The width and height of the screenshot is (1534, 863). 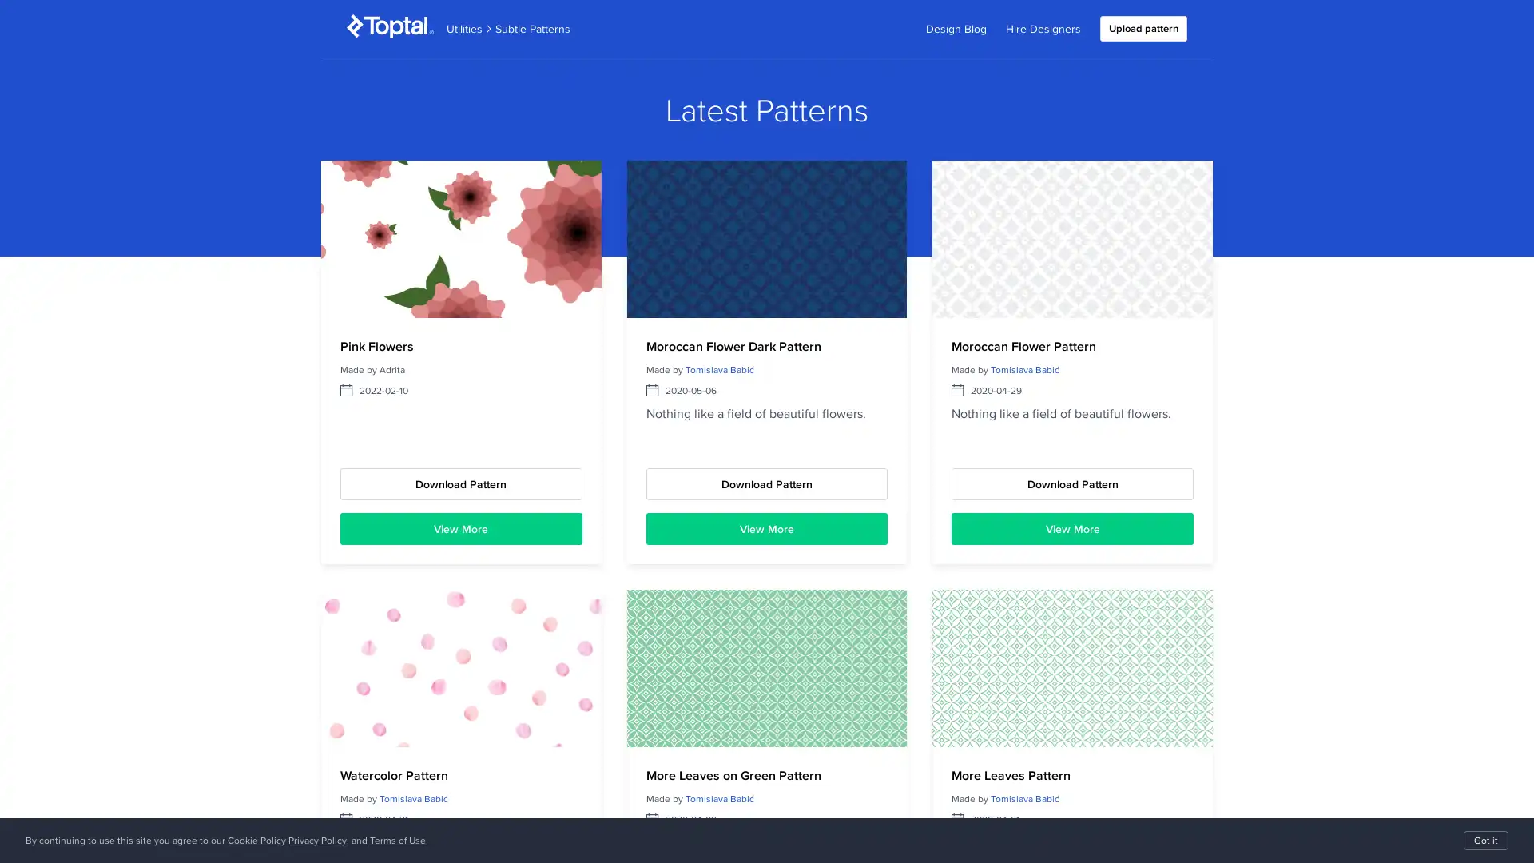 What do you see at coordinates (1485, 840) in the screenshot?
I see `Got it` at bounding box center [1485, 840].